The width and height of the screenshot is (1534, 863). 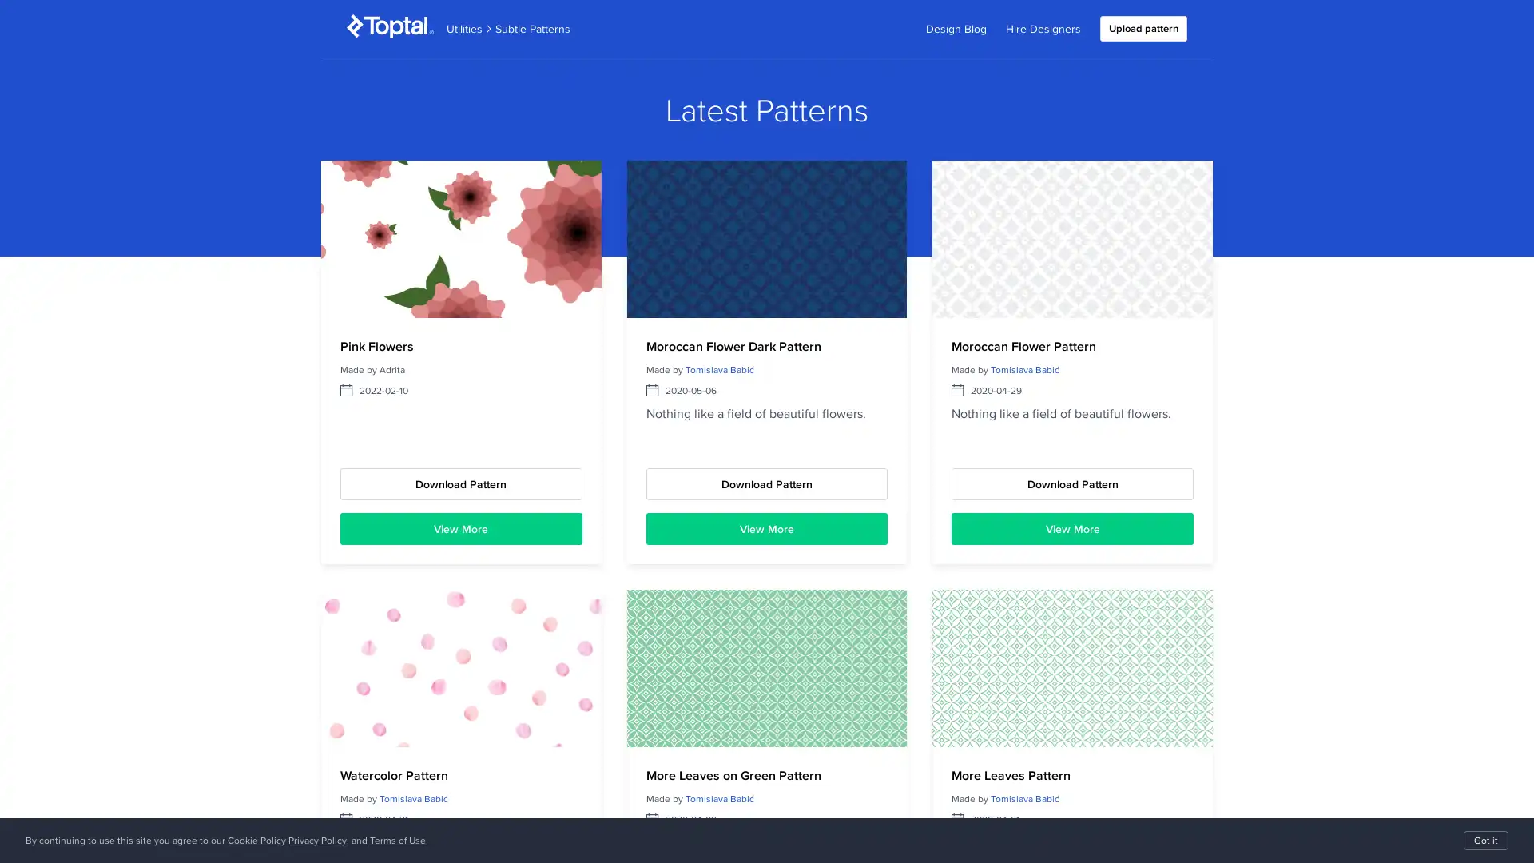 What do you see at coordinates (1485, 840) in the screenshot?
I see `Got it` at bounding box center [1485, 840].